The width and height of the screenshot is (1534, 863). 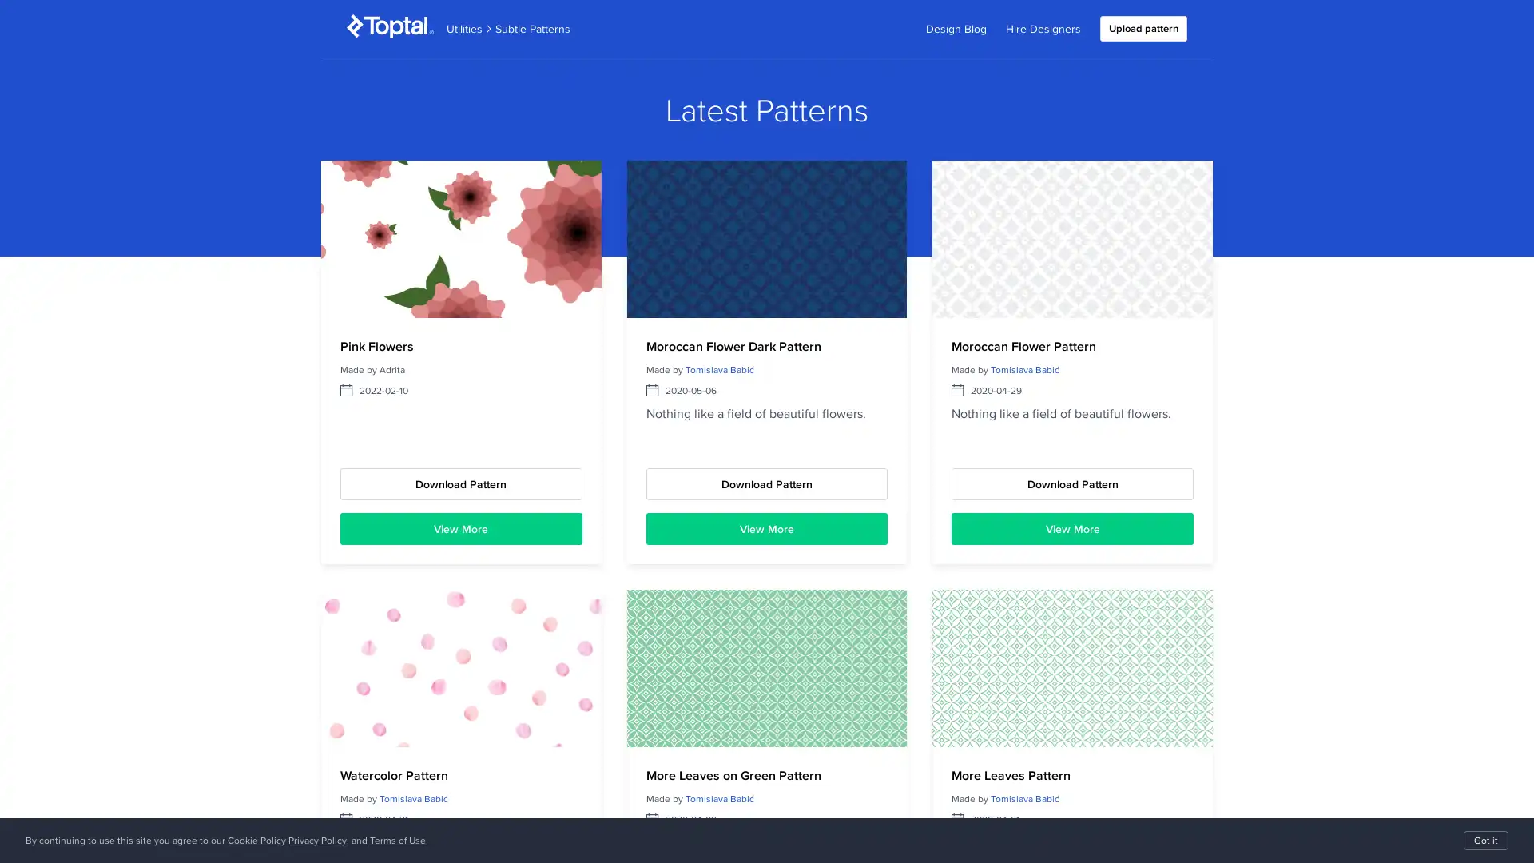 What do you see at coordinates (1485, 840) in the screenshot?
I see `Got it` at bounding box center [1485, 840].